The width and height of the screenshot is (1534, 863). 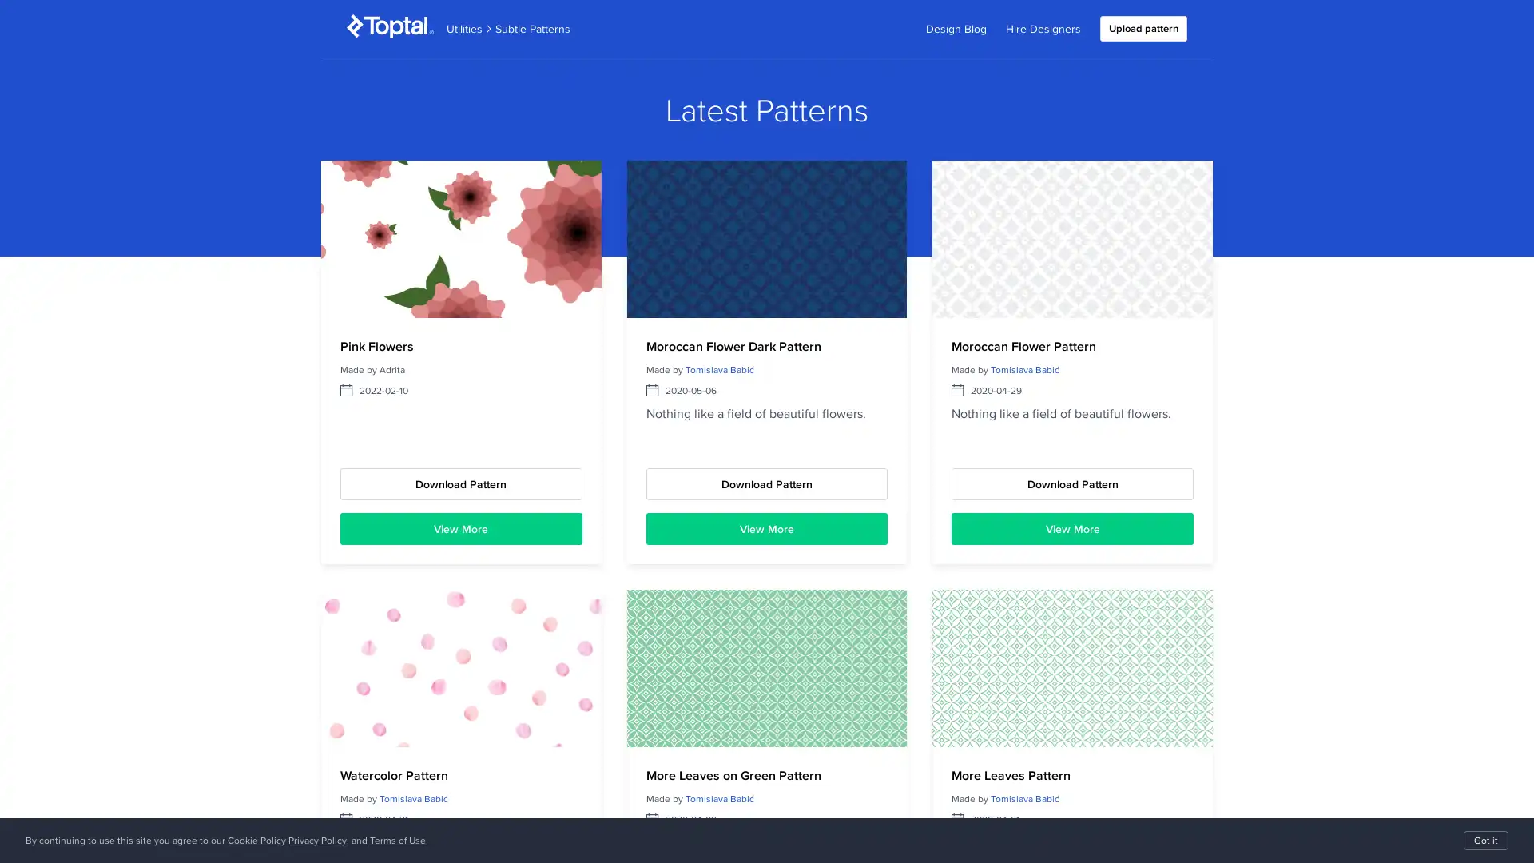 What do you see at coordinates (1485, 840) in the screenshot?
I see `Got it` at bounding box center [1485, 840].